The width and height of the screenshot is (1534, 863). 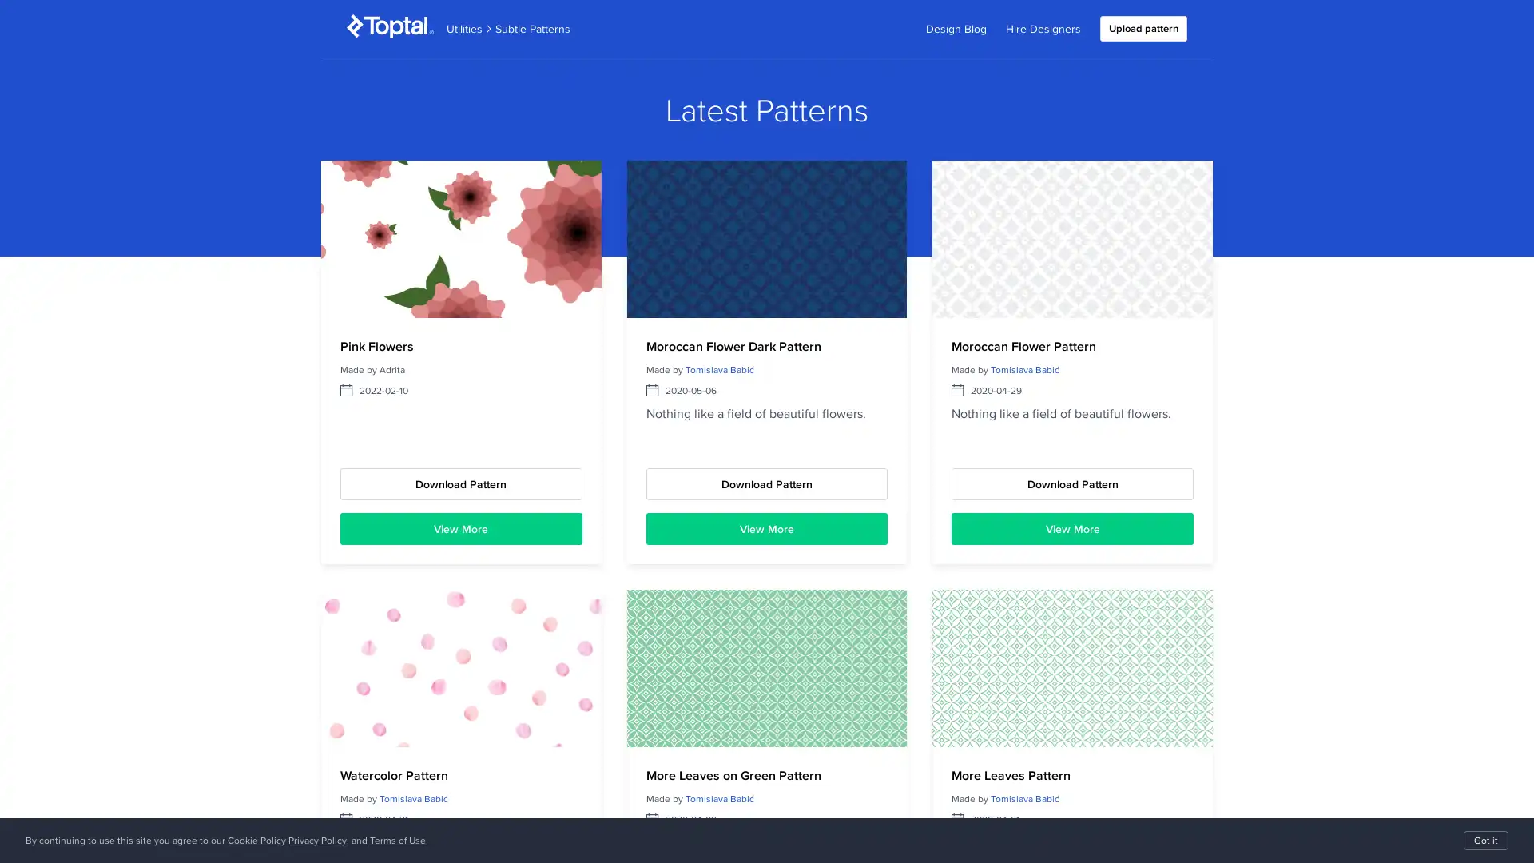 What do you see at coordinates (1485, 840) in the screenshot?
I see `Got it` at bounding box center [1485, 840].